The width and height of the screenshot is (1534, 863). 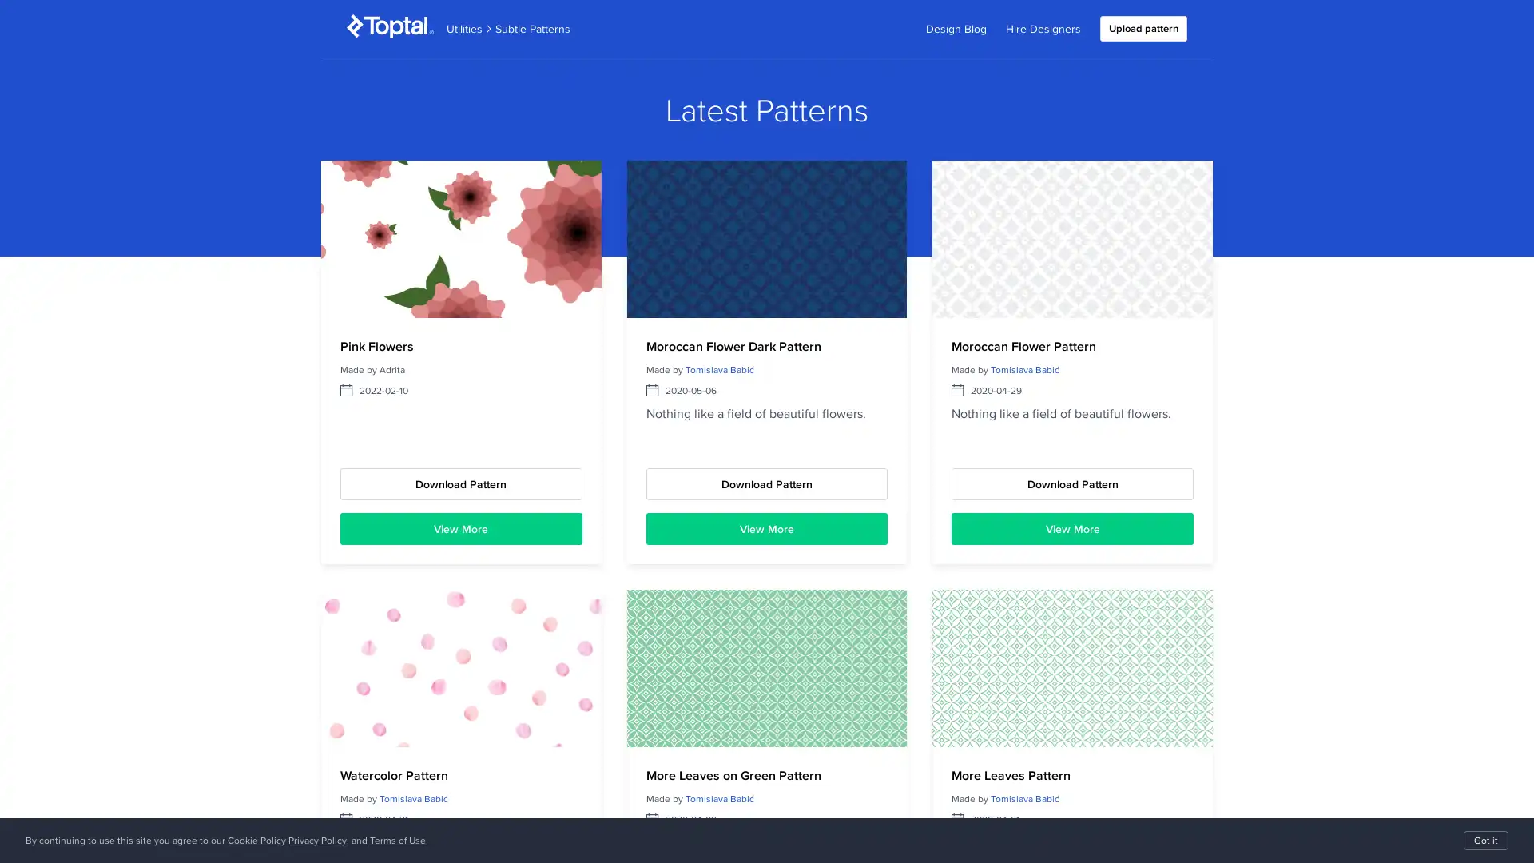 What do you see at coordinates (1485, 840) in the screenshot?
I see `Got it` at bounding box center [1485, 840].